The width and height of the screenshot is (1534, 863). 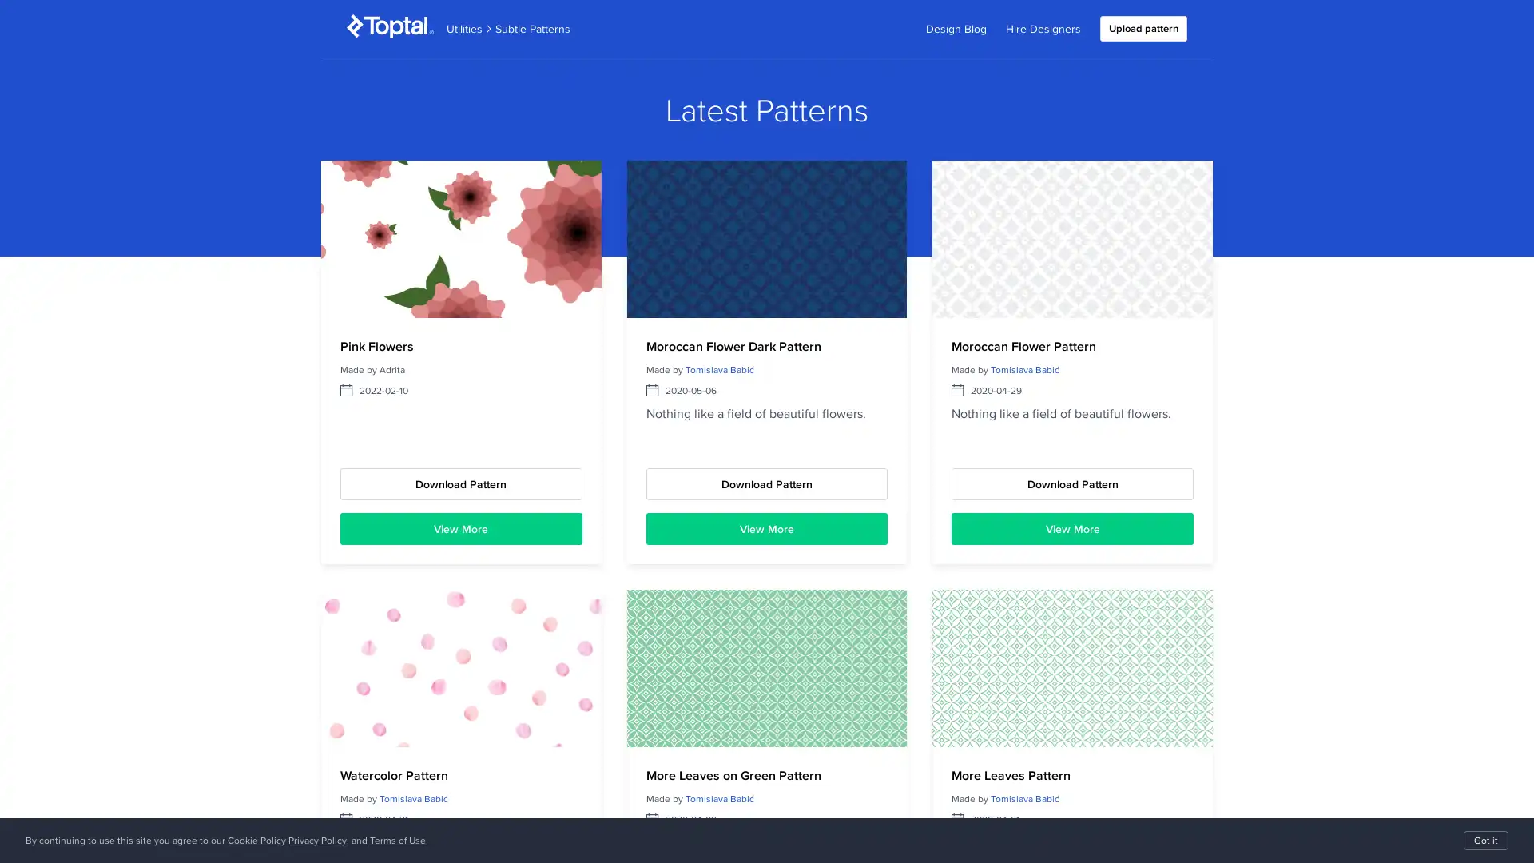 What do you see at coordinates (1485, 840) in the screenshot?
I see `Got it` at bounding box center [1485, 840].